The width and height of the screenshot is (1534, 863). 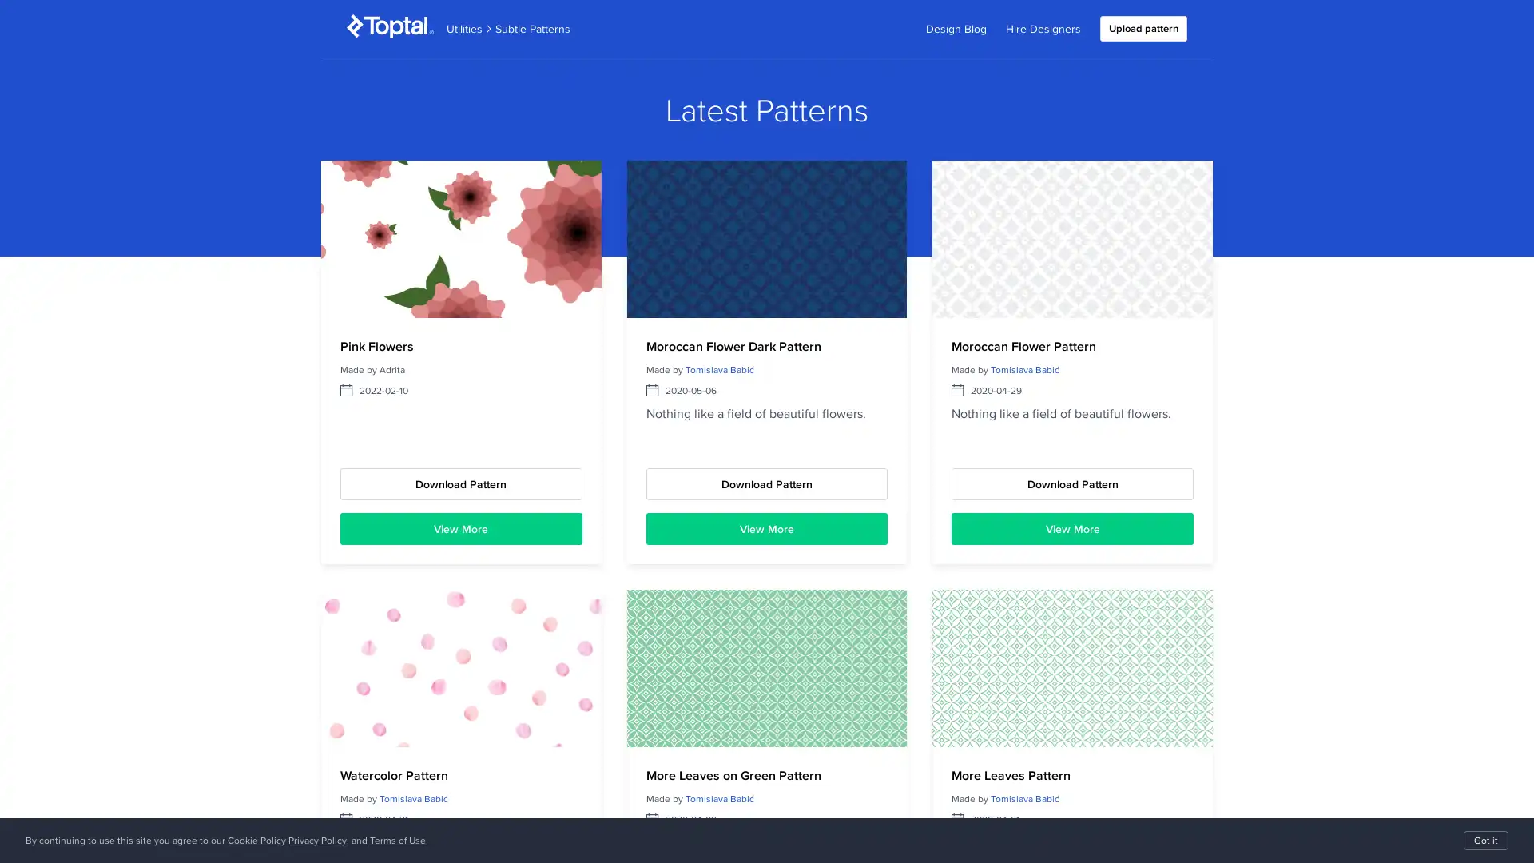 What do you see at coordinates (1485, 840) in the screenshot?
I see `Got it` at bounding box center [1485, 840].